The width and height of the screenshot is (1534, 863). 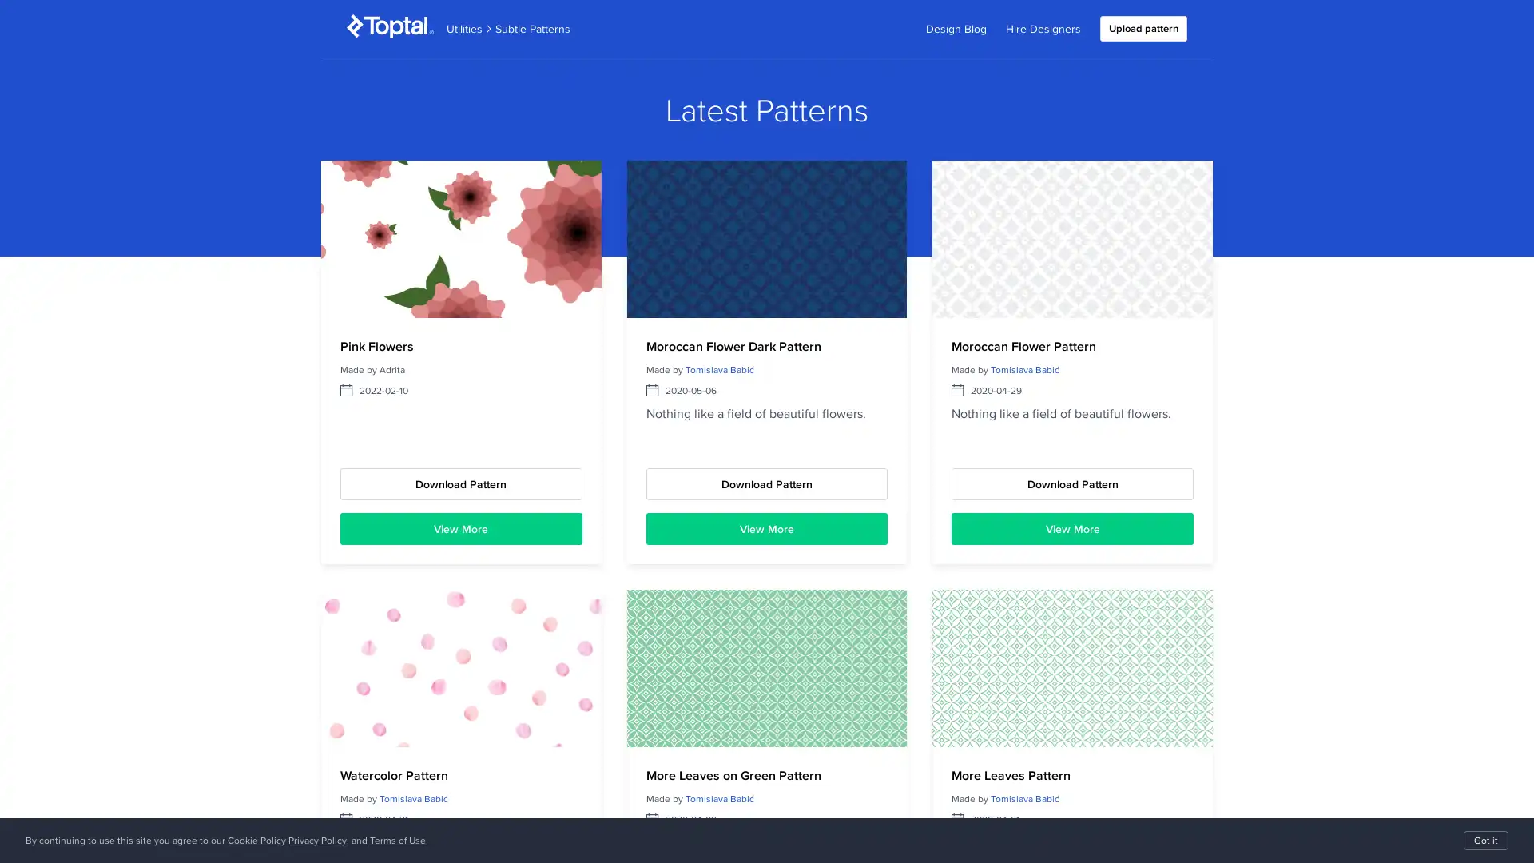 What do you see at coordinates (1485, 840) in the screenshot?
I see `Got it` at bounding box center [1485, 840].